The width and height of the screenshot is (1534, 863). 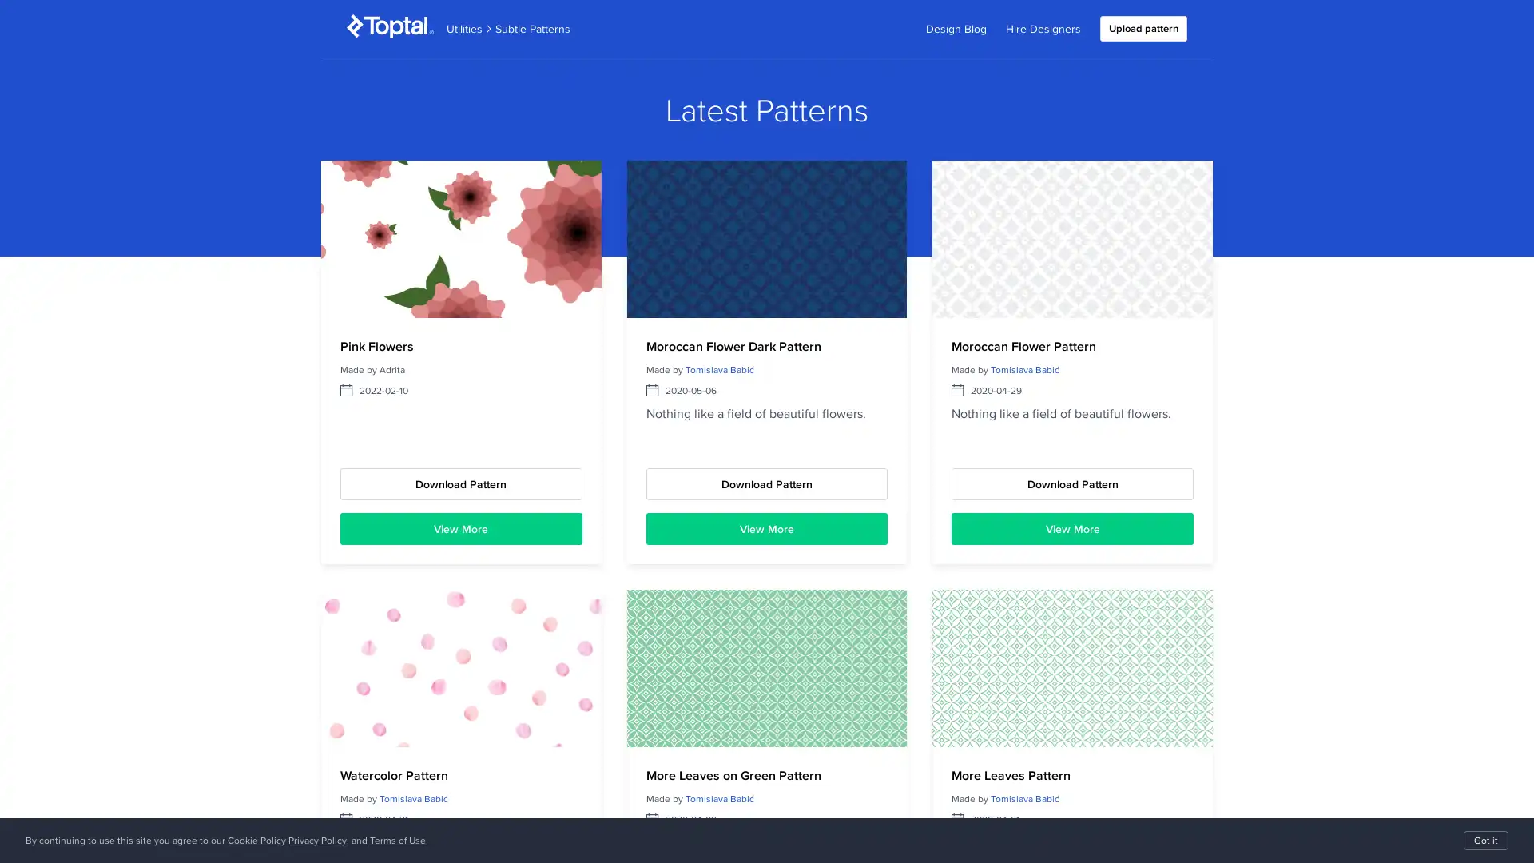 What do you see at coordinates (1485, 840) in the screenshot?
I see `Got it` at bounding box center [1485, 840].